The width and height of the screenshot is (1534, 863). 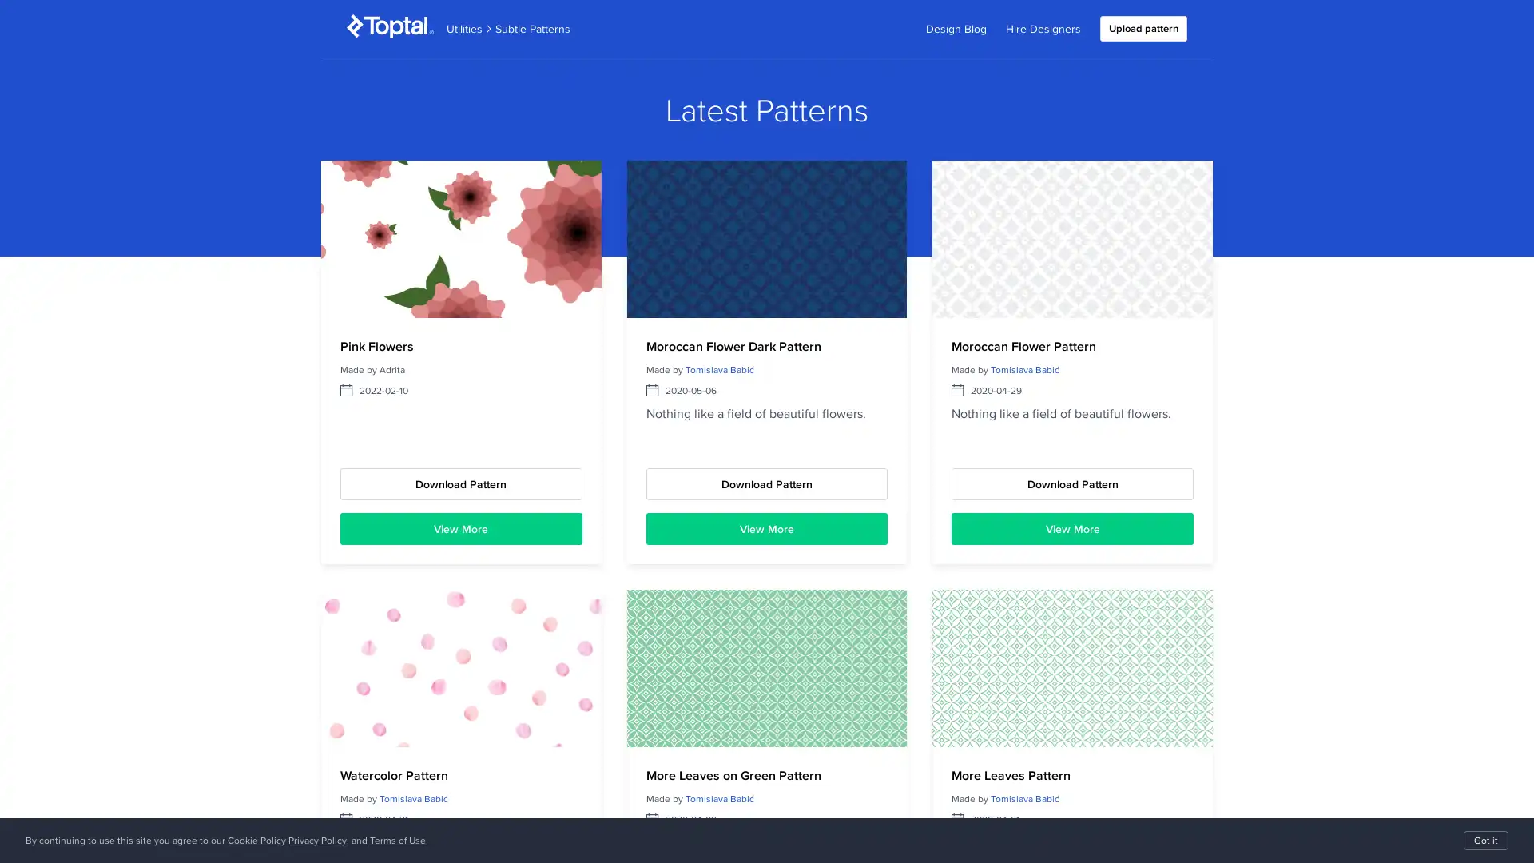 What do you see at coordinates (1485, 840) in the screenshot?
I see `Got it` at bounding box center [1485, 840].